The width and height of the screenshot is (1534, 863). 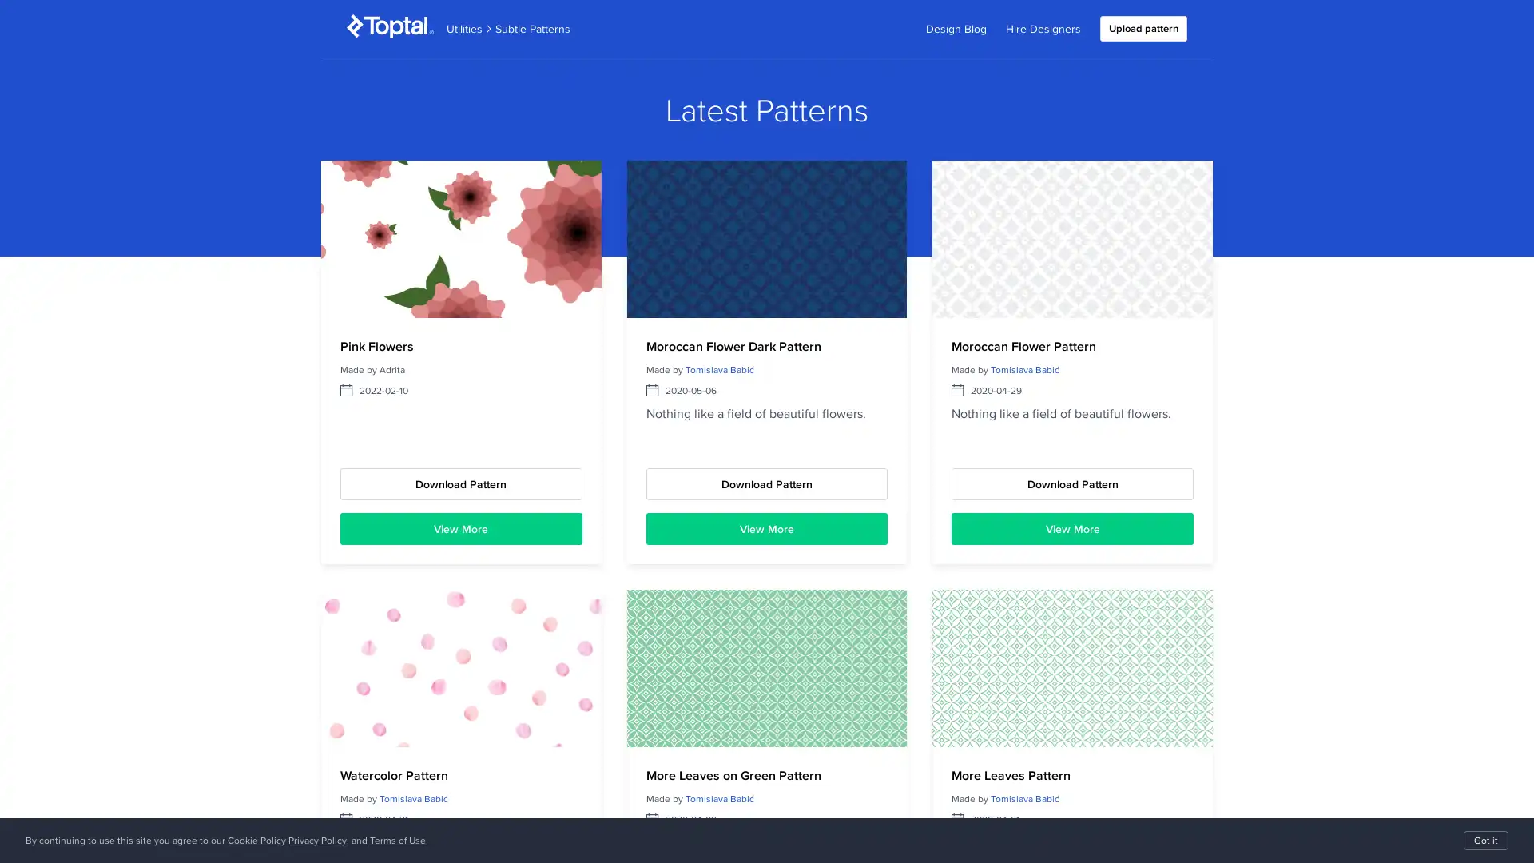 What do you see at coordinates (1485, 840) in the screenshot?
I see `Got it` at bounding box center [1485, 840].